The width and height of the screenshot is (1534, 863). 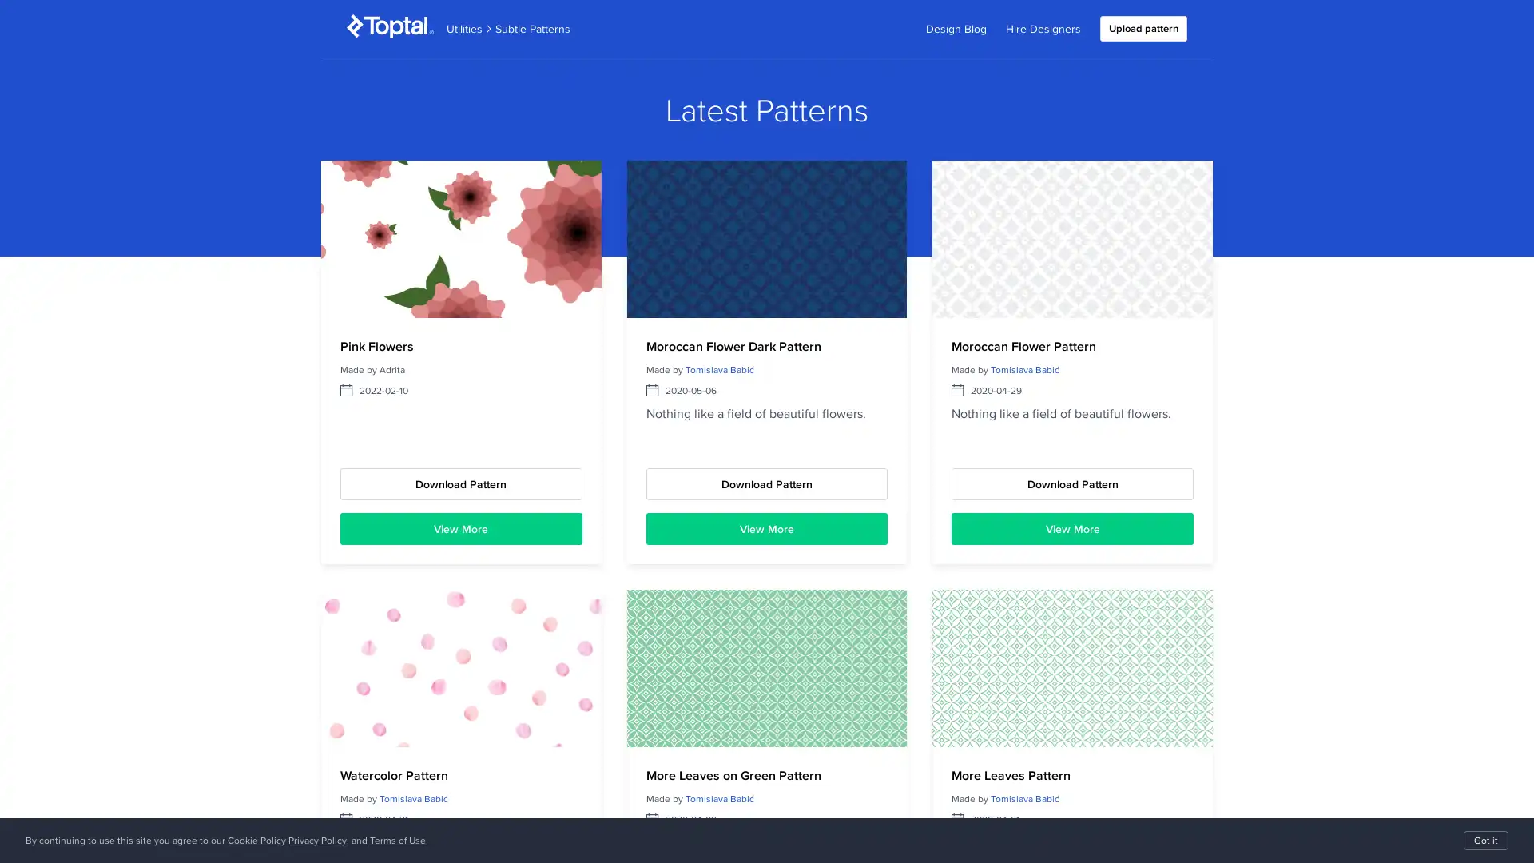 What do you see at coordinates (1485, 840) in the screenshot?
I see `Got it` at bounding box center [1485, 840].